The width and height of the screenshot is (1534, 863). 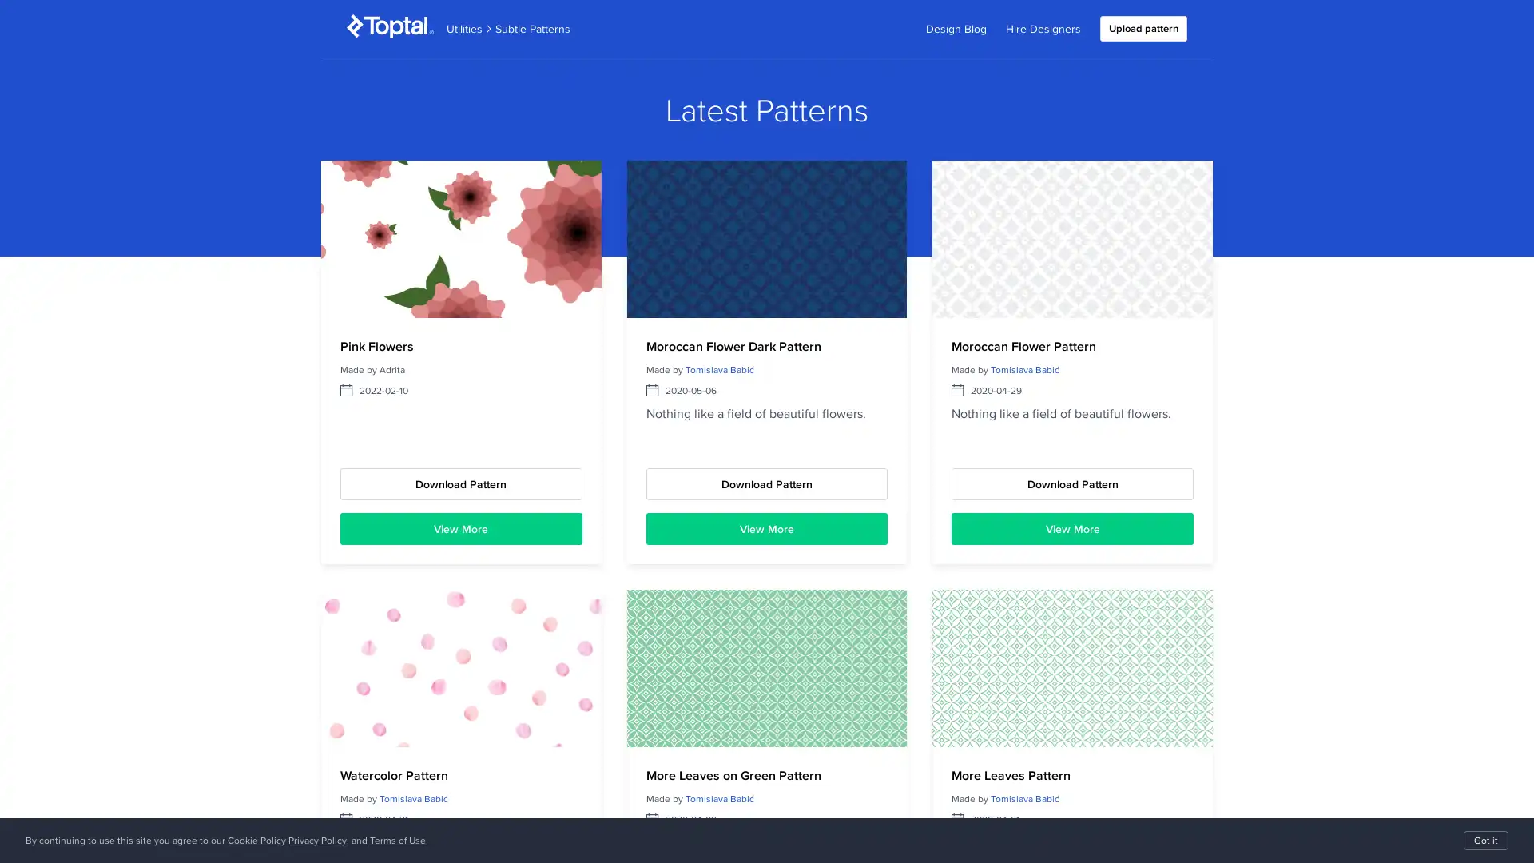 What do you see at coordinates (1485, 840) in the screenshot?
I see `Got it` at bounding box center [1485, 840].